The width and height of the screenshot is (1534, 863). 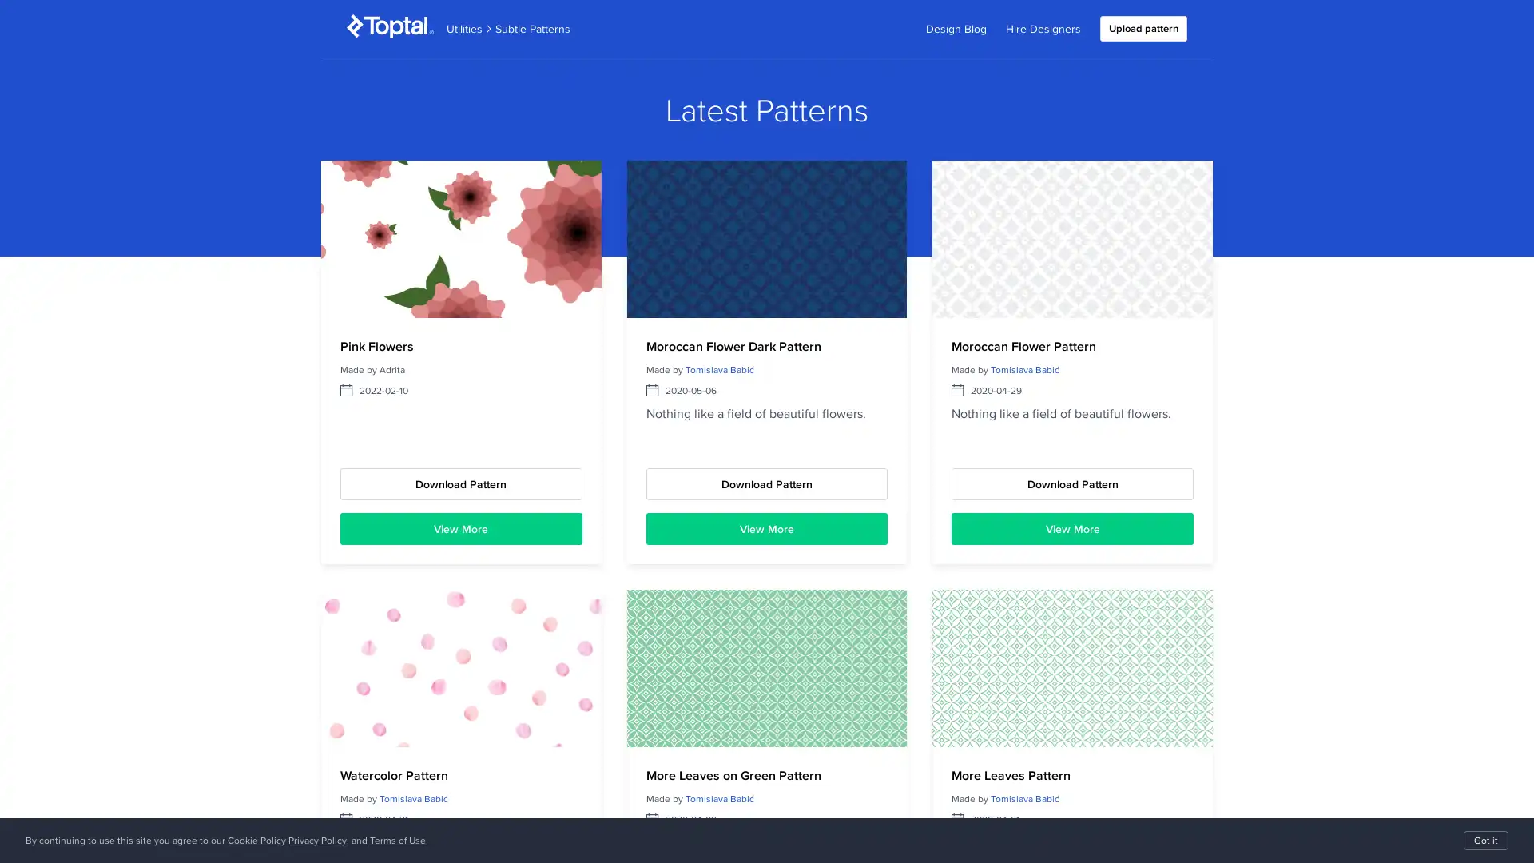 What do you see at coordinates (1485, 840) in the screenshot?
I see `Got it` at bounding box center [1485, 840].